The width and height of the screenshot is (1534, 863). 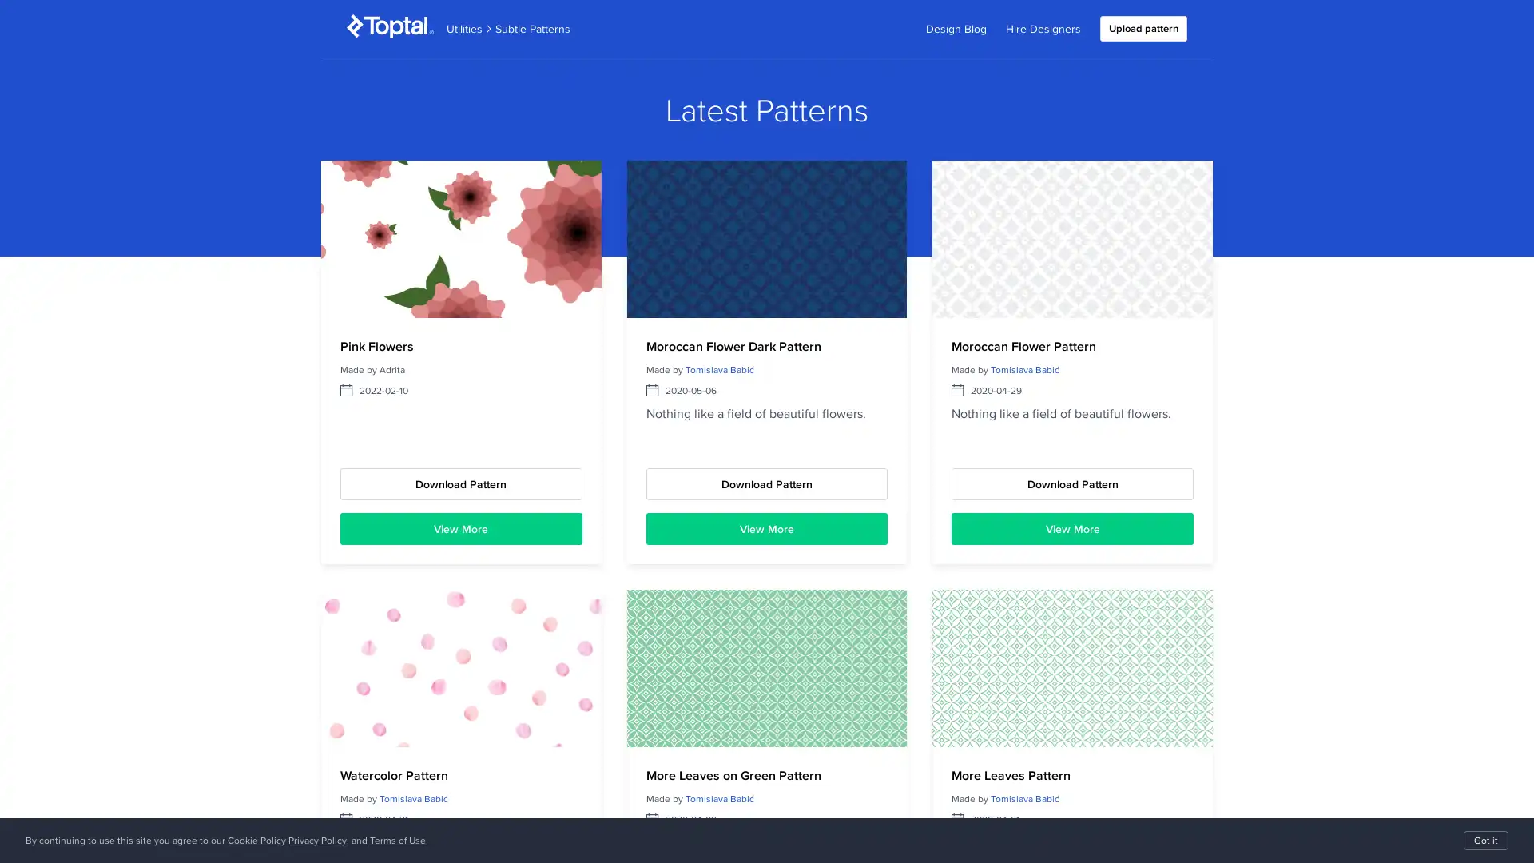 What do you see at coordinates (1485, 840) in the screenshot?
I see `Got it` at bounding box center [1485, 840].